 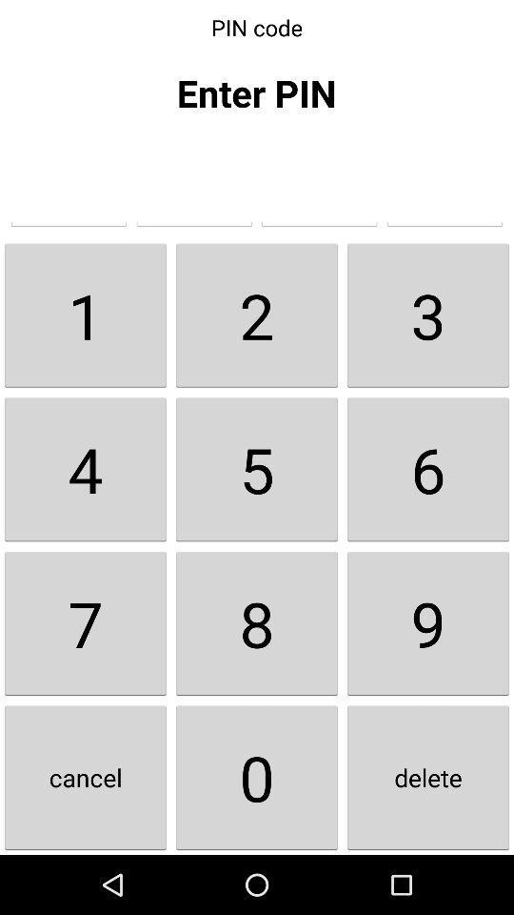 What do you see at coordinates (257, 315) in the screenshot?
I see `the button above 4 button` at bounding box center [257, 315].